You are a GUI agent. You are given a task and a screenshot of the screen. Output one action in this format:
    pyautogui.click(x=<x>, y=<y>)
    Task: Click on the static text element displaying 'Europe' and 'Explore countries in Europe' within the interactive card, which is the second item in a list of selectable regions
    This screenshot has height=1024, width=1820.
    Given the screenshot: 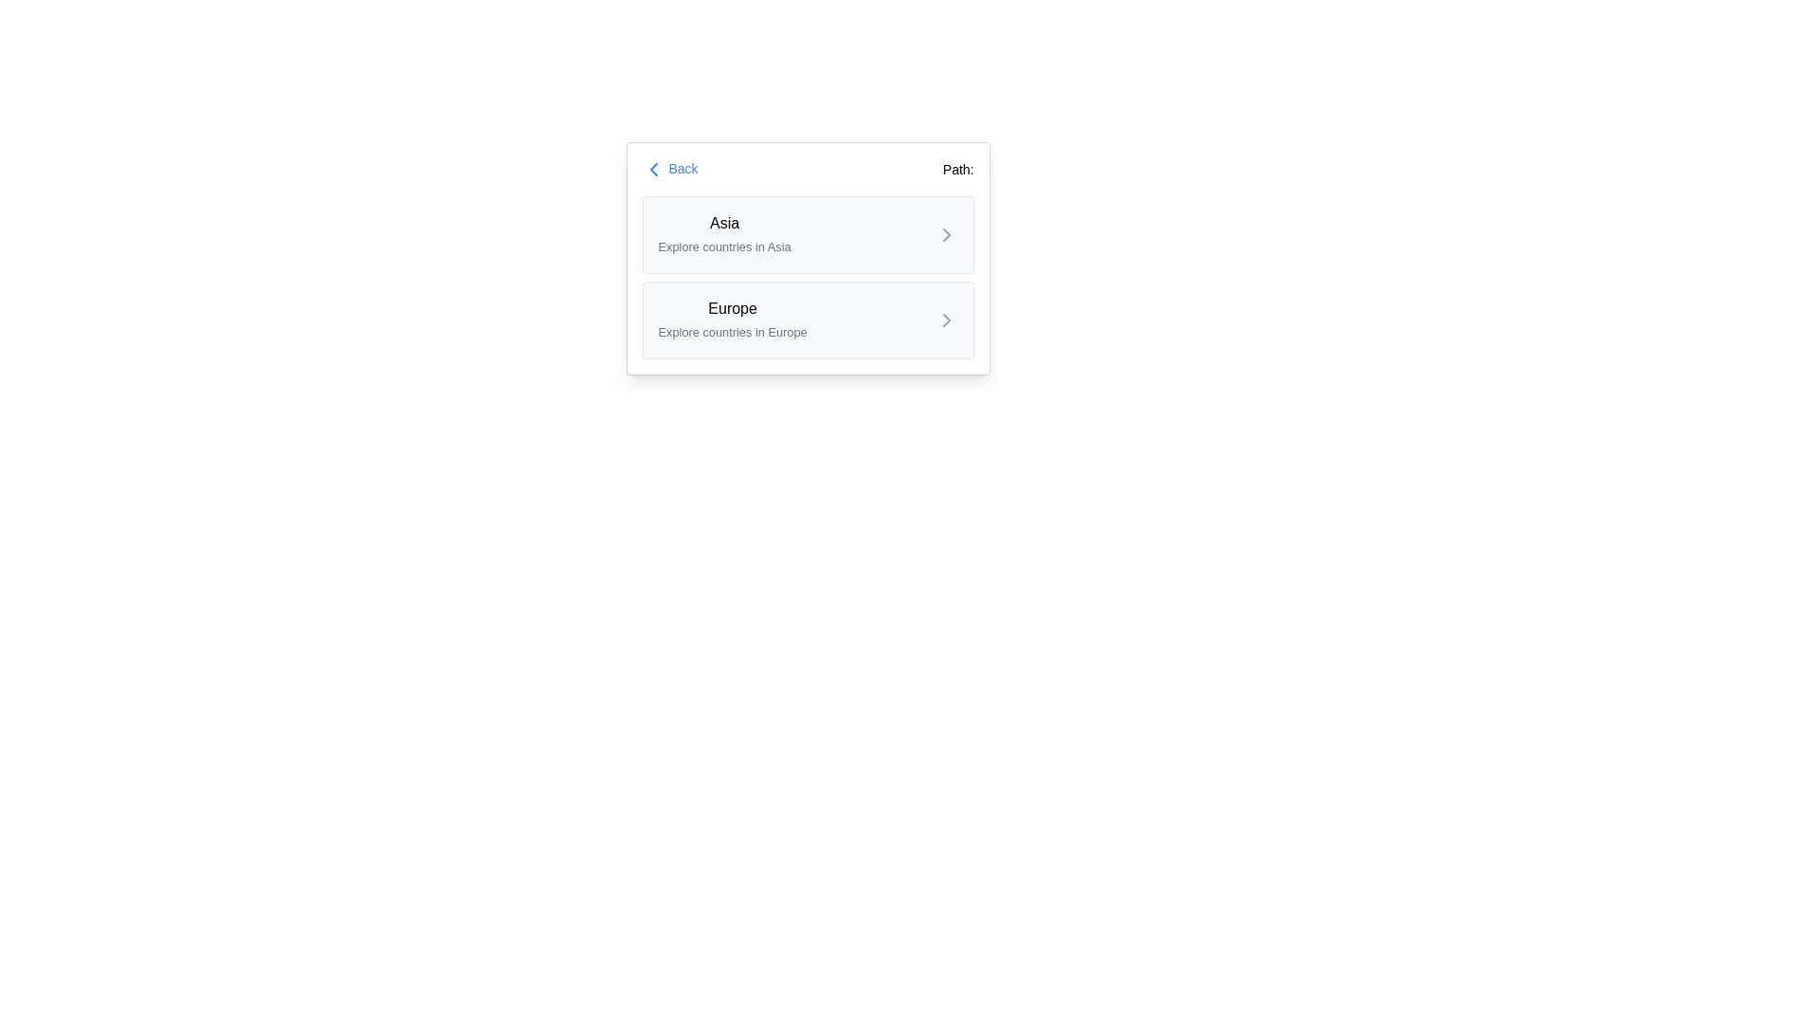 What is the action you would take?
    pyautogui.click(x=732, y=320)
    